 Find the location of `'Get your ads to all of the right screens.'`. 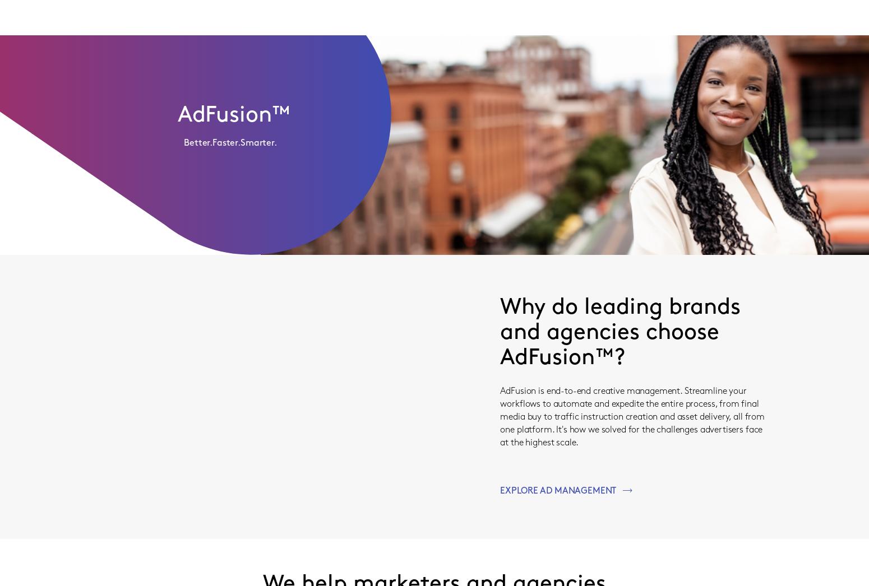

'Get your ads to all of the right screens.' is located at coordinates (529, 240).